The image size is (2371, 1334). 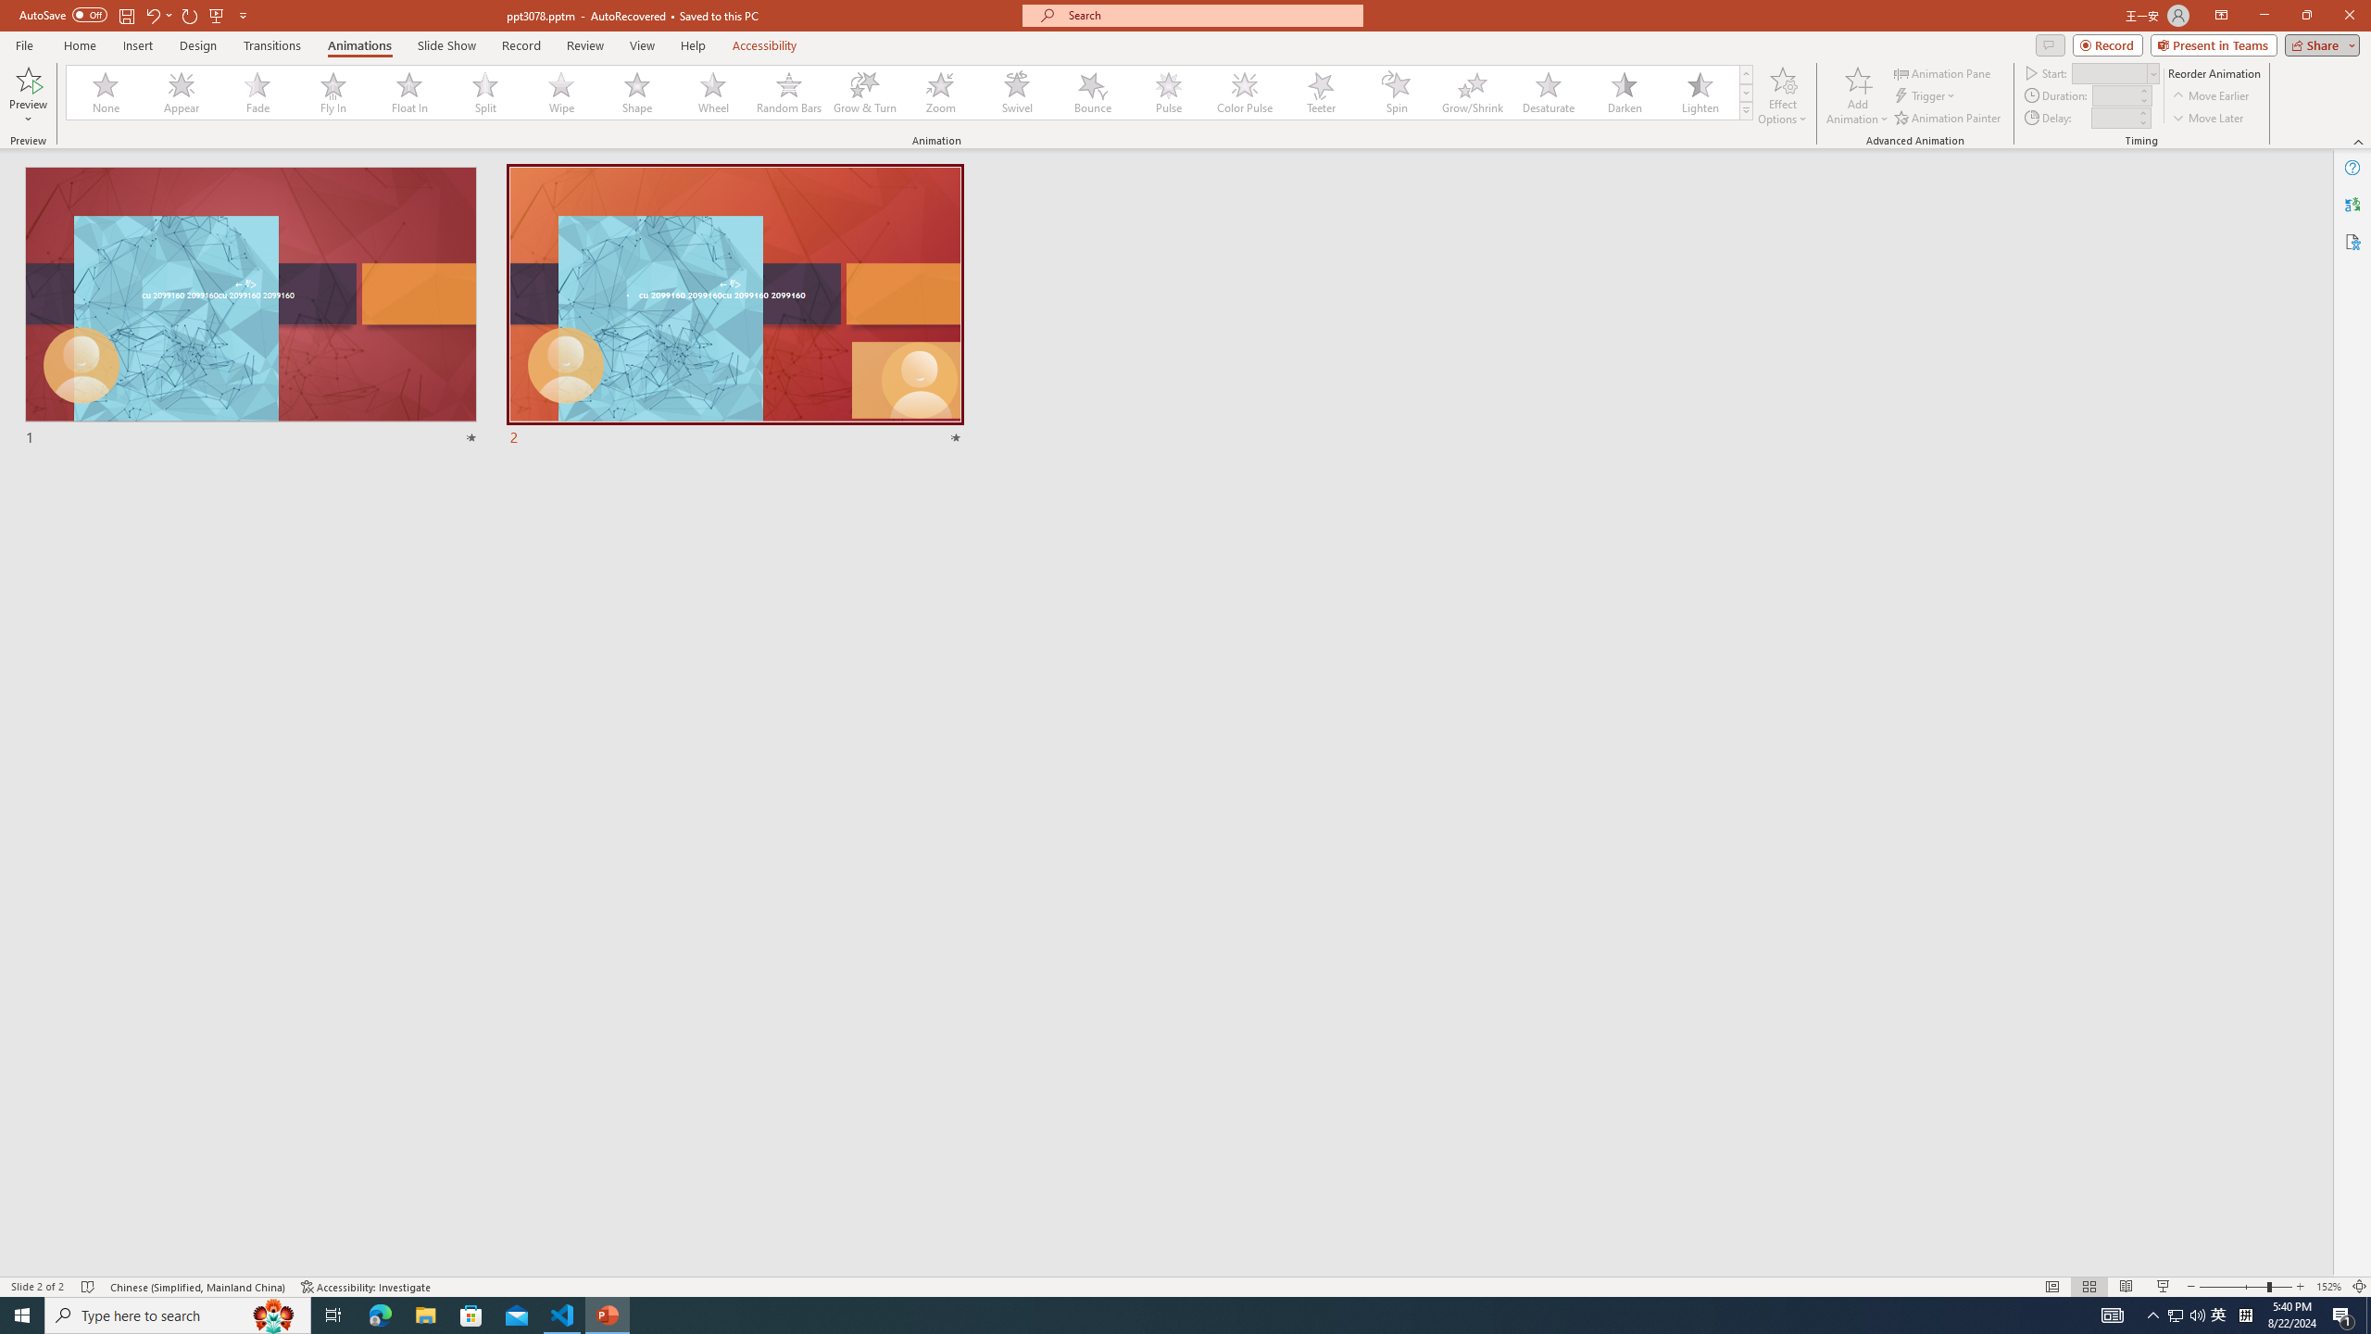 What do you see at coordinates (332, 92) in the screenshot?
I see `'Fly In'` at bounding box center [332, 92].